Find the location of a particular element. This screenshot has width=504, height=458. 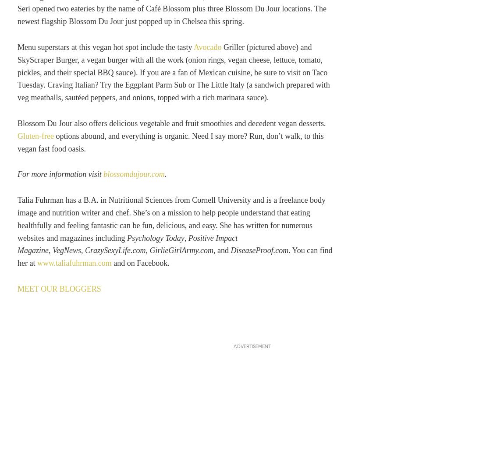

'Positive Impact Magazine' is located at coordinates (127, 243).